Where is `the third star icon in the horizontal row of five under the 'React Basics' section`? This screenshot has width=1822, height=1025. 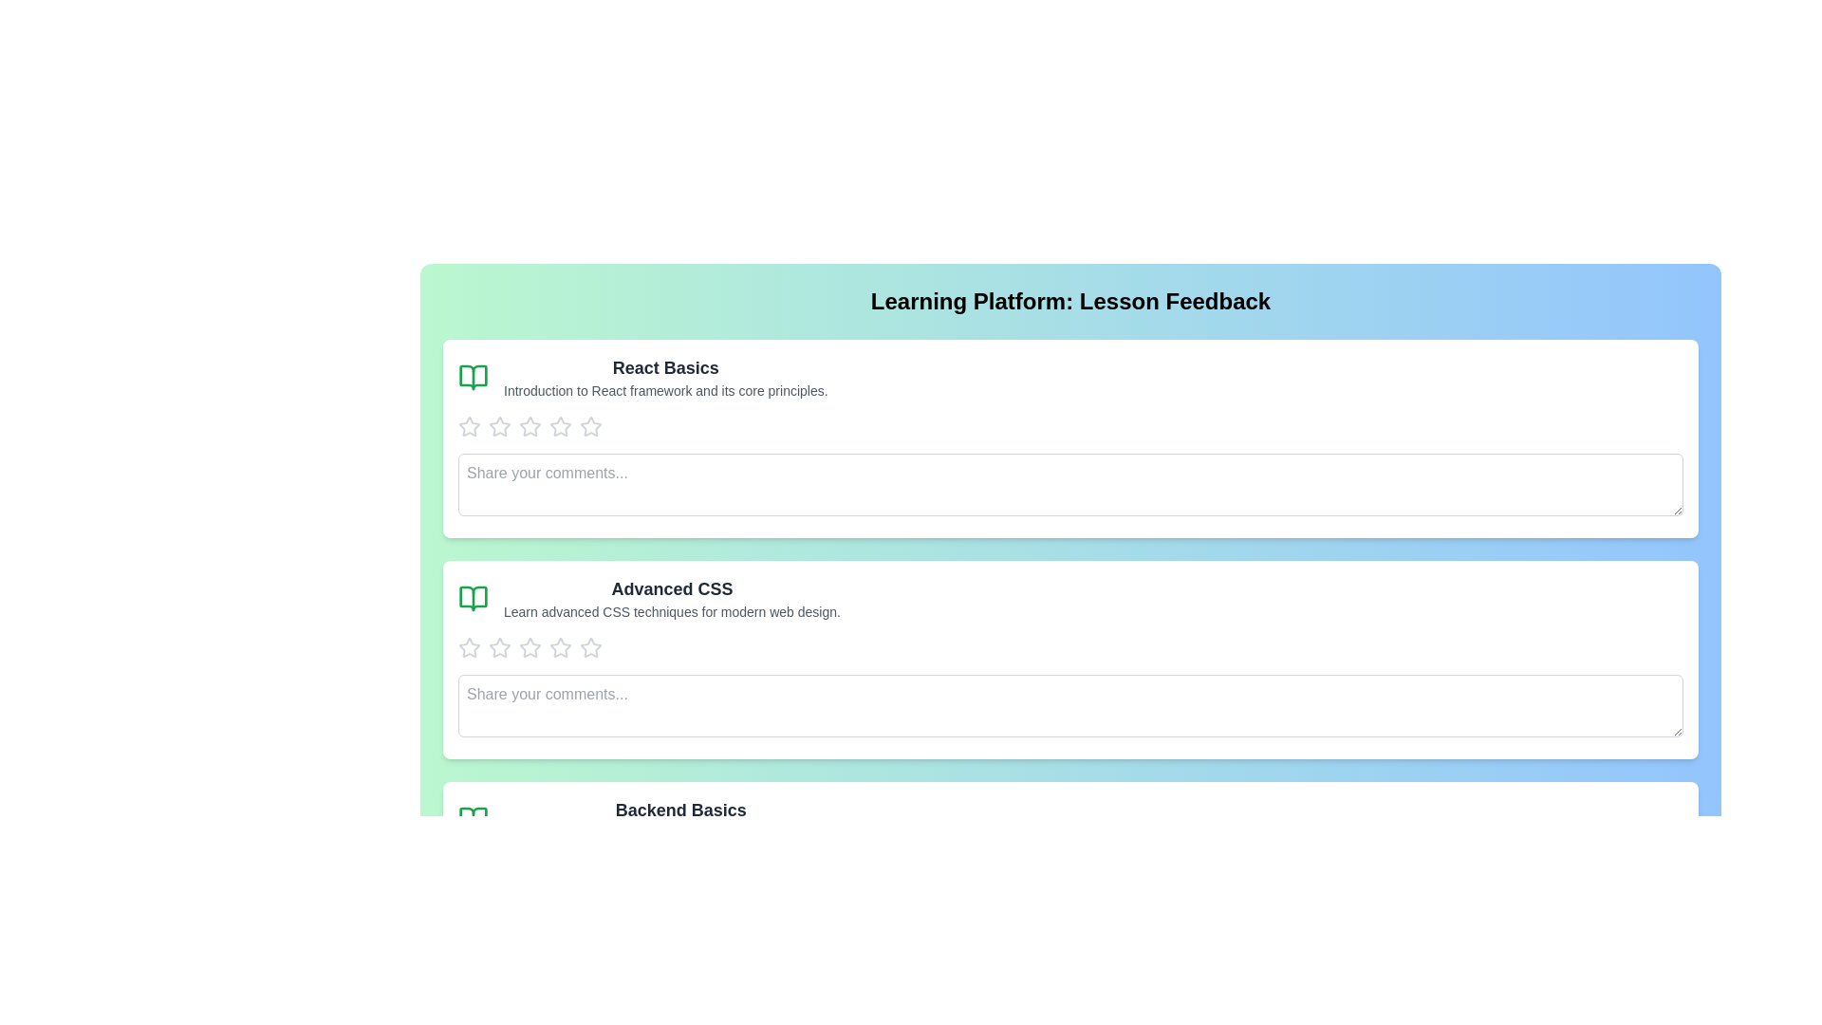 the third star icon in the horizontal row of five under the 'React Basics' section is located at coordinates (559, 425).